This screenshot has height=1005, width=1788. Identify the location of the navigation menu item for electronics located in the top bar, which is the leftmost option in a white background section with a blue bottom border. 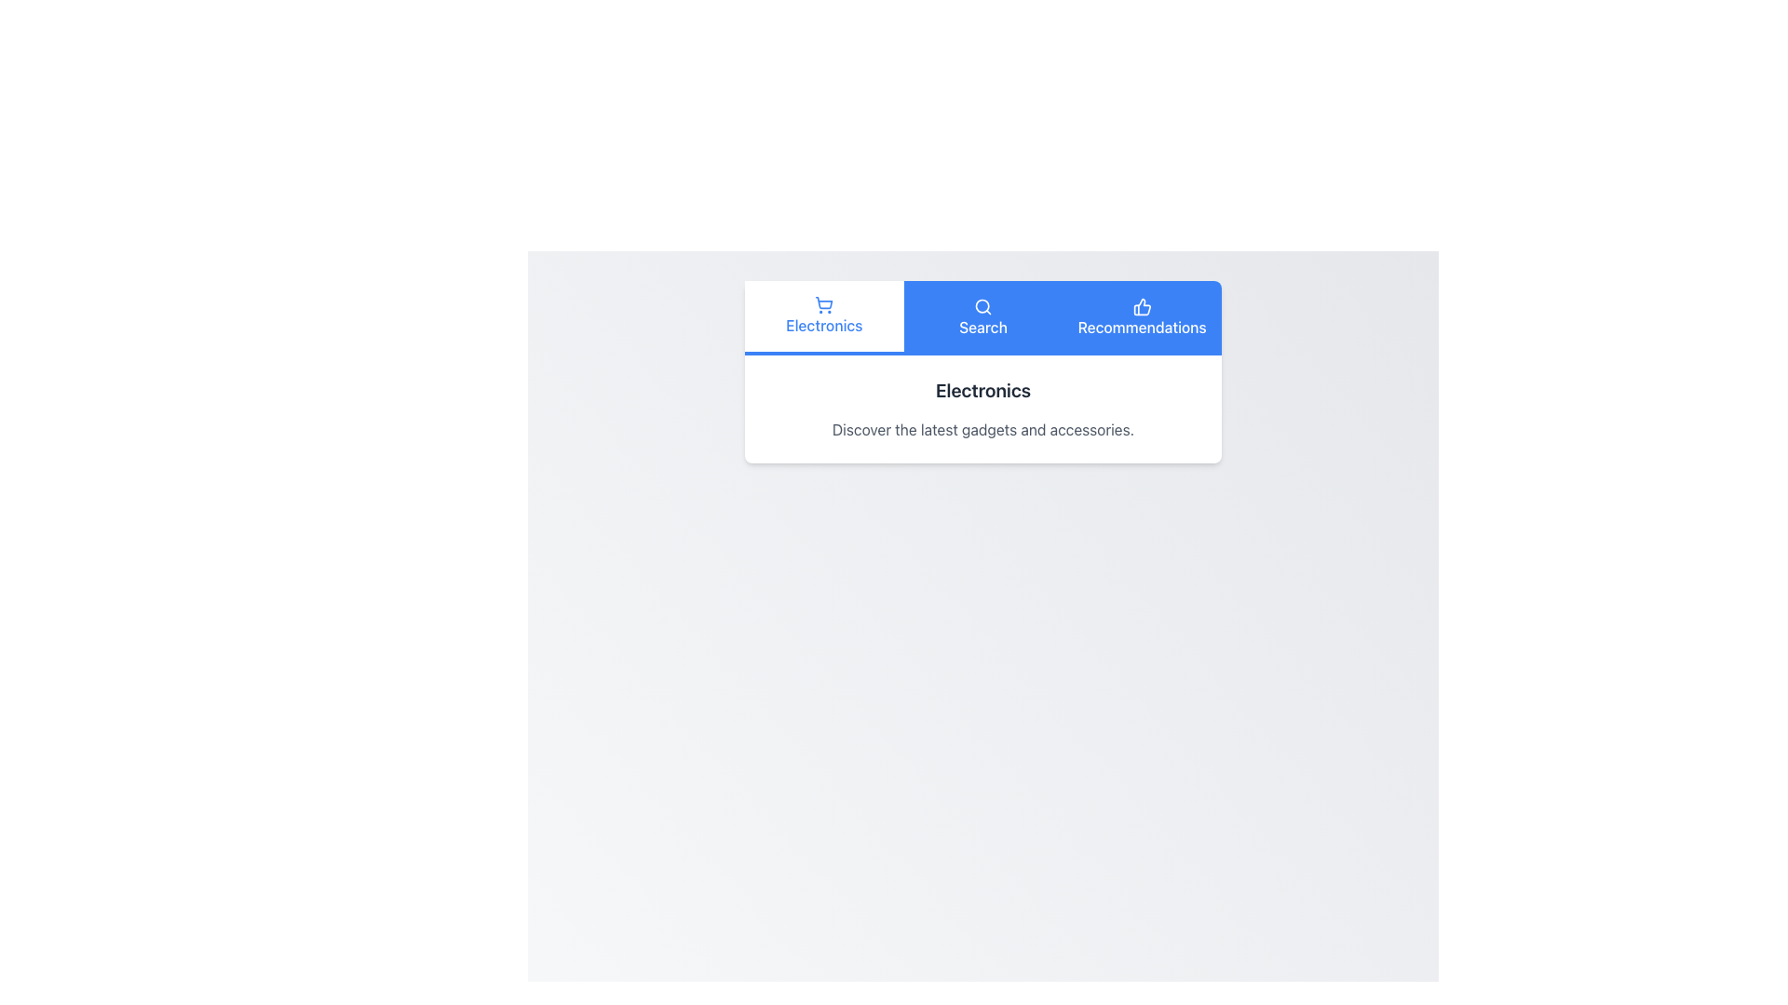
(823, 315).